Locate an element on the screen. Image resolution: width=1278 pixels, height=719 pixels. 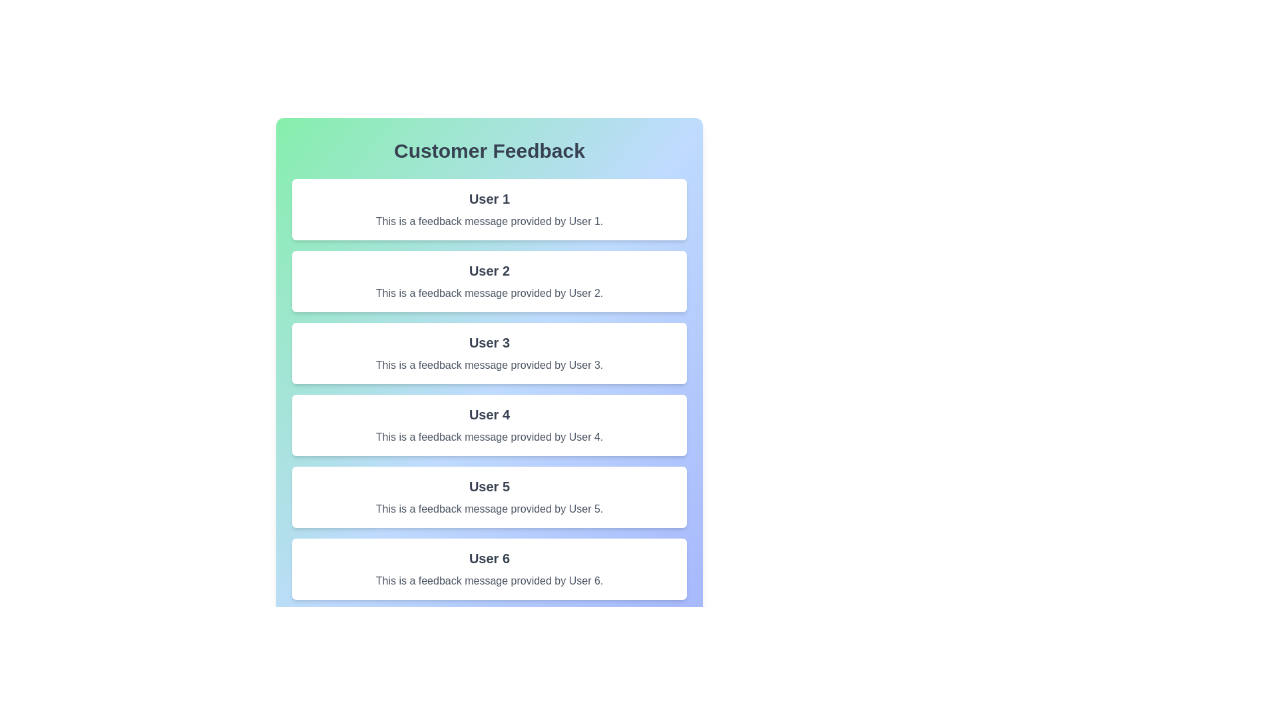
the header text 'User 3' in the feedback card, which is the third card in a vertical list of similar cards is located at coordinates (489, 342).